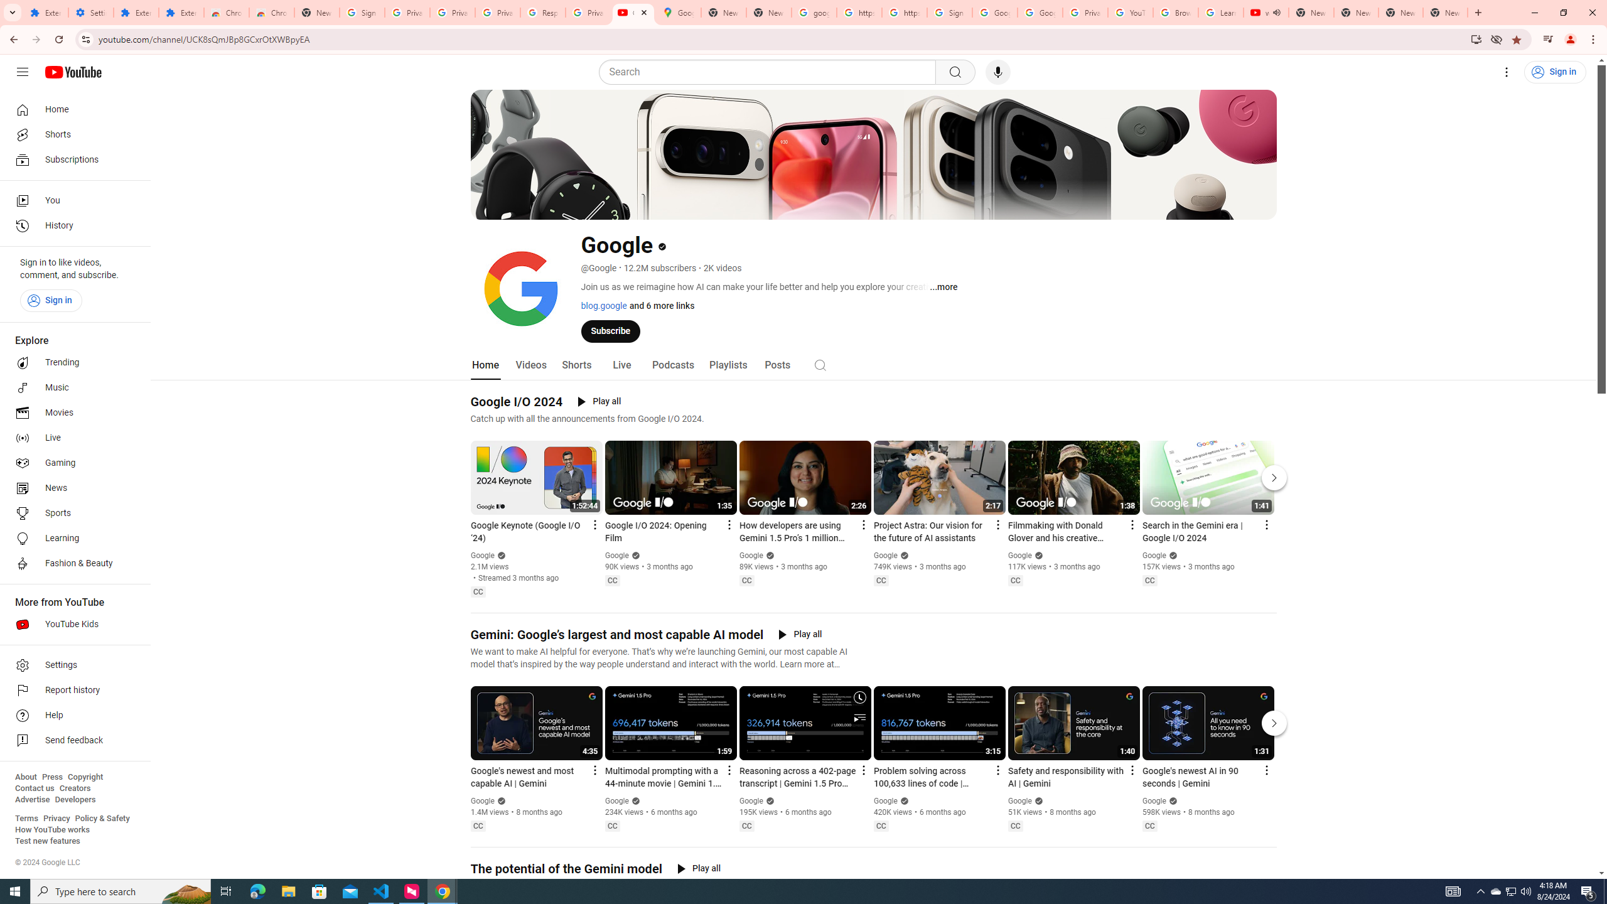 Image resolution: width=1607 pixels, height=904 pixels. What do you see at coordinates (71, 462) in the screenshot?
I see `'Gaming'` at bounding box center [71, 462].